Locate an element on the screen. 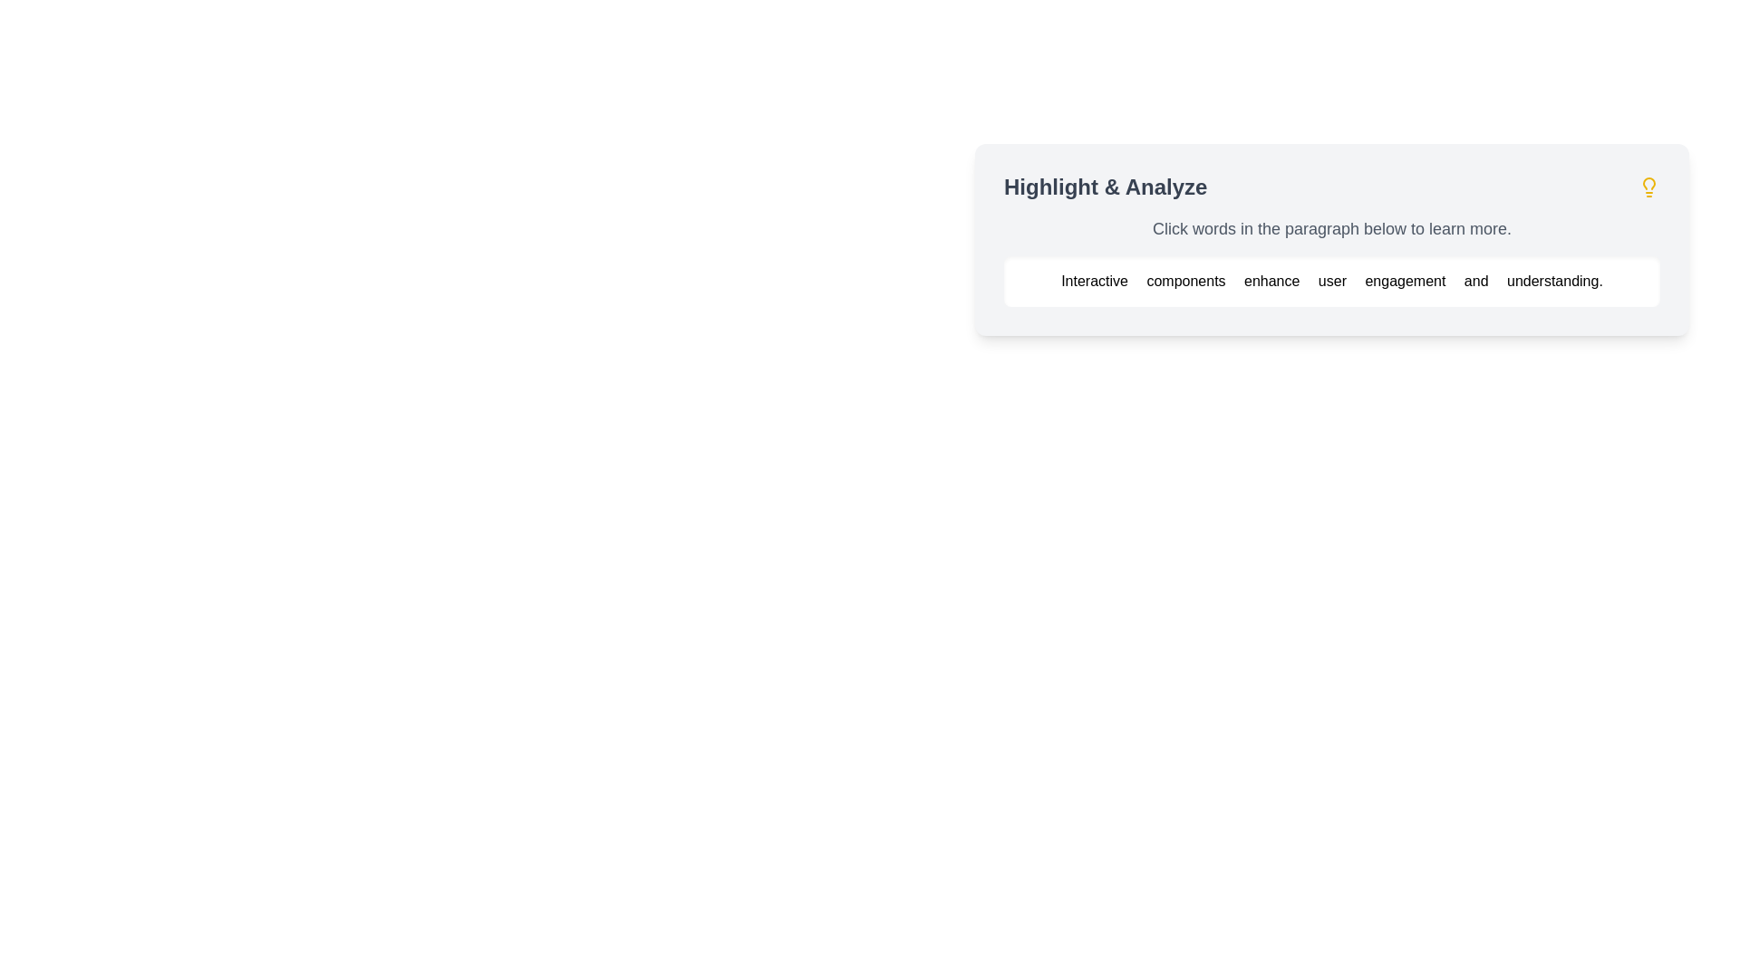 The image size is (1740, 978). the text element 'enhance' which is styled with a white background and changes to yellow on hover, located between 'components' and 'user' is located at coordinates (1273, 281).